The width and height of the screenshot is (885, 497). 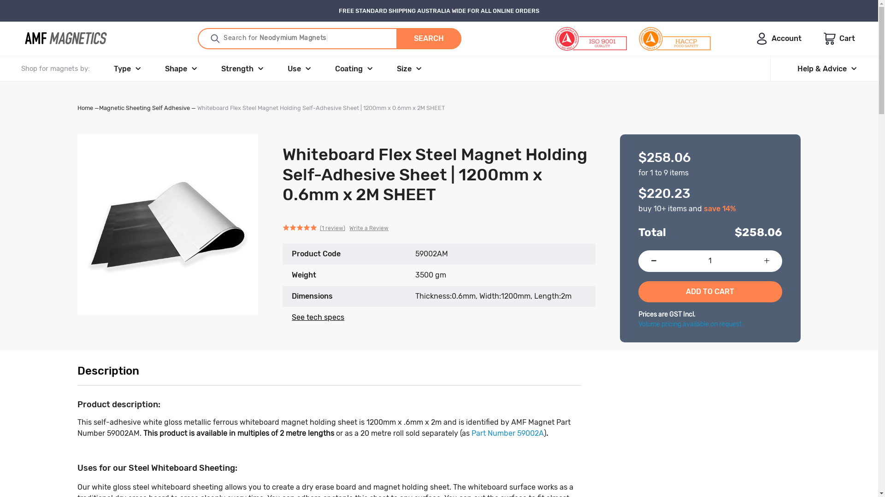 What do you see at coordinates (85, 107) in the screenshot?
I see `'Home'` at bounding box center [85, 107].